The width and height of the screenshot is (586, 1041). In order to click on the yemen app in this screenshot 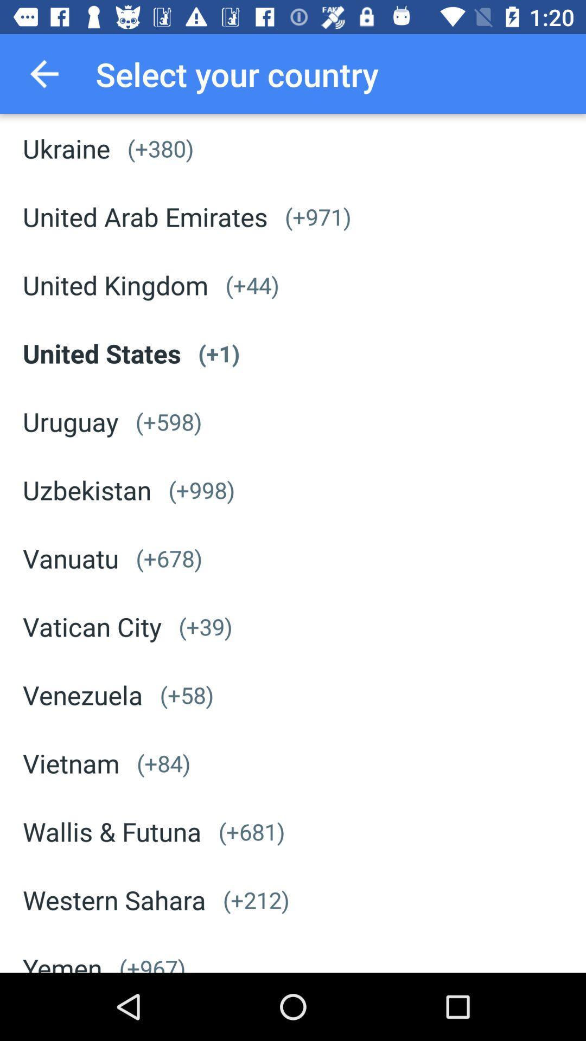, I will do `click(62, 961)`.